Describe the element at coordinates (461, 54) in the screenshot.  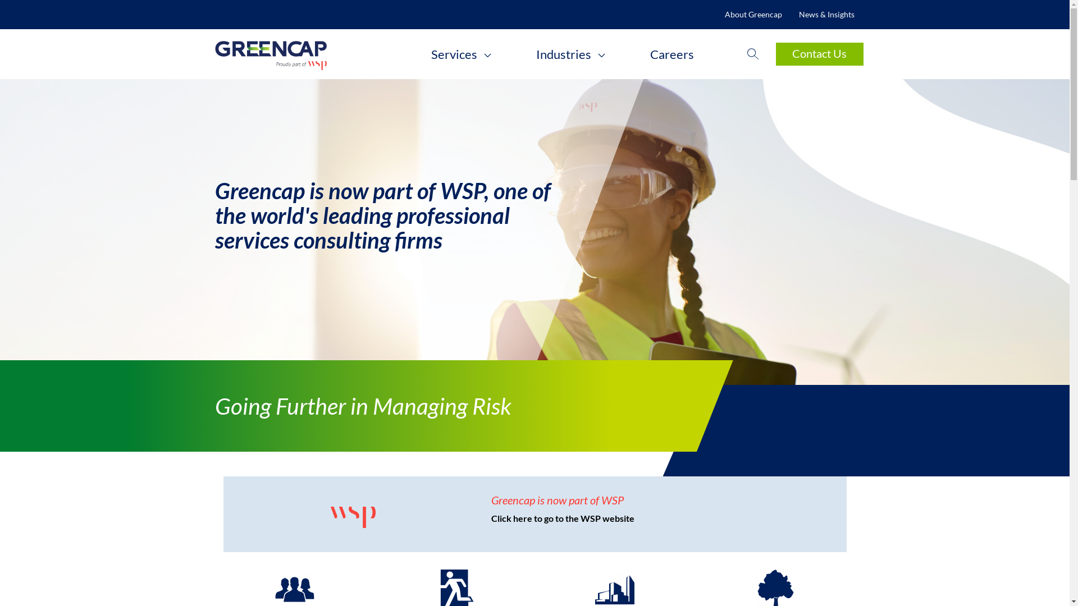
I see `'Services'` at that location.